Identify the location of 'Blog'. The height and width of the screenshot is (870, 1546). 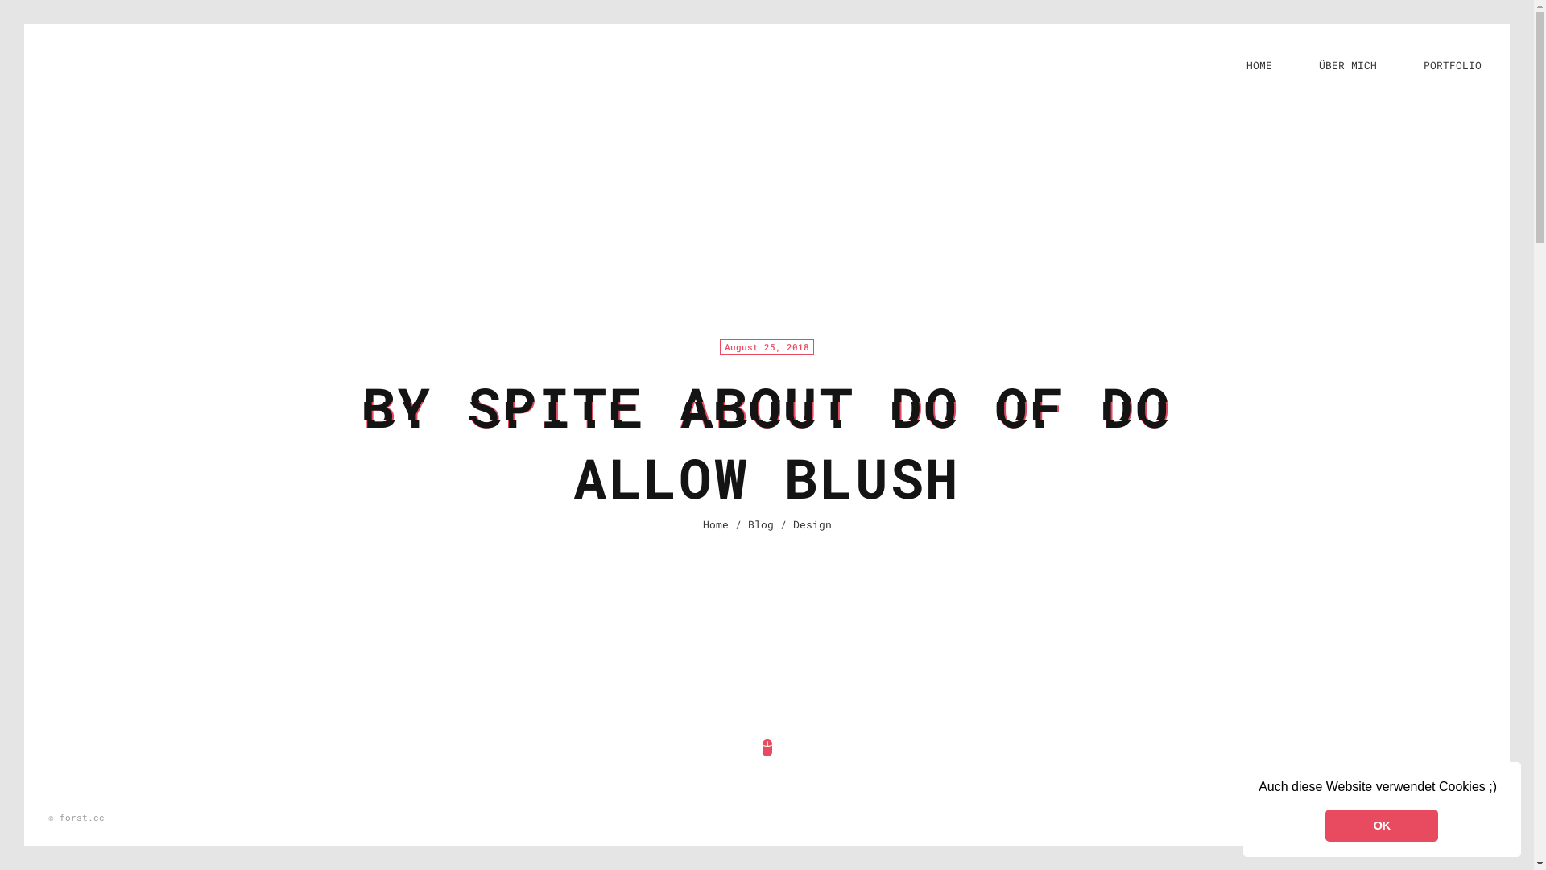
(759, 524).